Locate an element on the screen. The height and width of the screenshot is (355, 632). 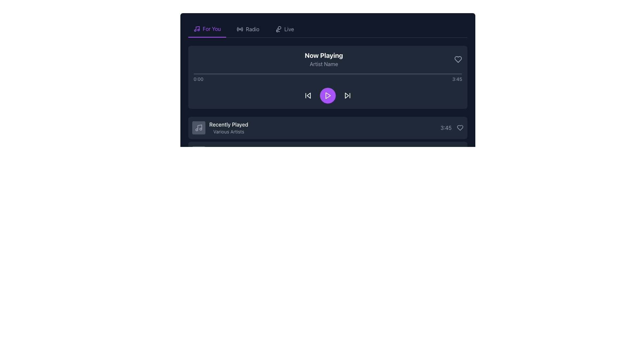
the circular button with a prominent purple background and a white triangular 'Play' icon is located at coordinates (328, 95).